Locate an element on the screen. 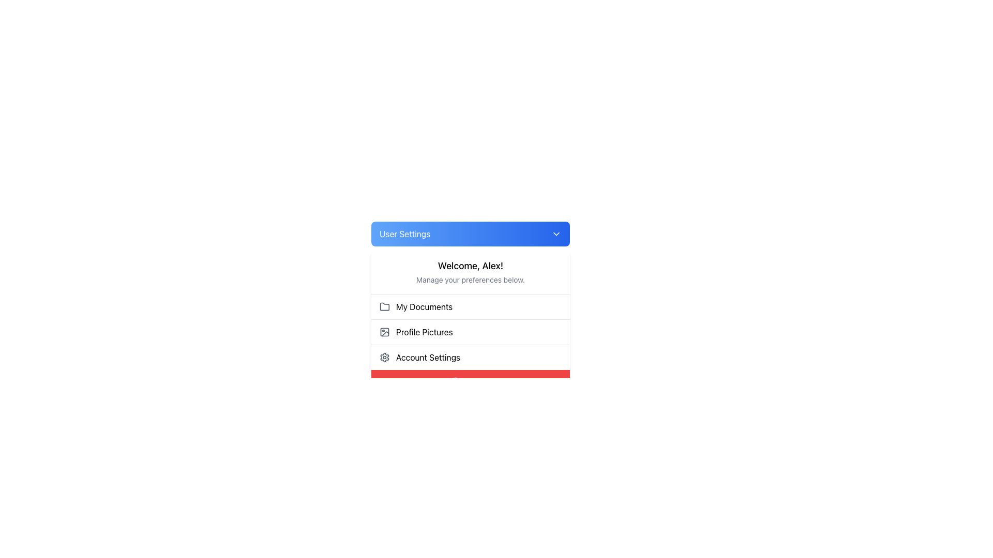 This screenshot has height=558, width=993. instructional text label located below the bold text 'Welcome, Alex!' in the upper-middle part of the page is located at coordinates (470, 280).